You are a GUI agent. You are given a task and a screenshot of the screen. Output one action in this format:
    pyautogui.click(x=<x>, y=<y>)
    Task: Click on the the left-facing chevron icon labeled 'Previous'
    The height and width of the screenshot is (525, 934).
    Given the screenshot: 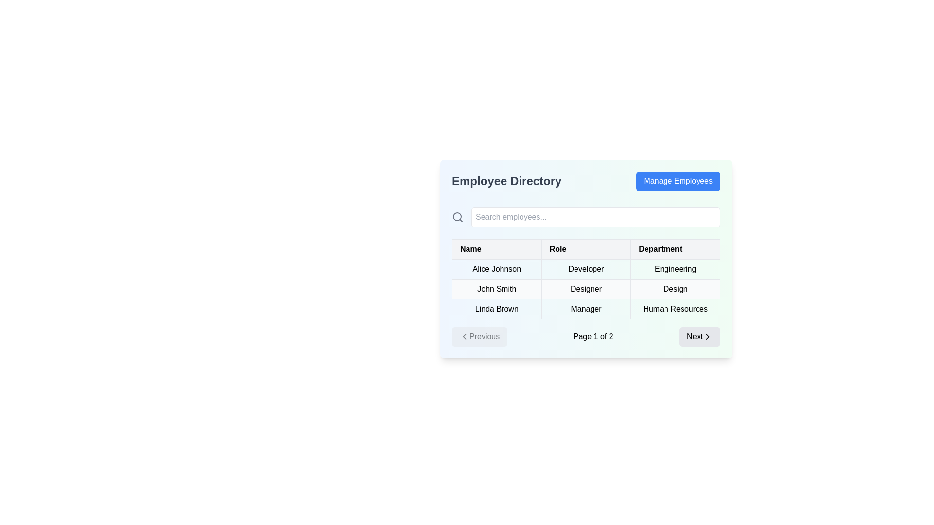 What is the action you would take?
    pyautogui.click(x=464, y=336)
    